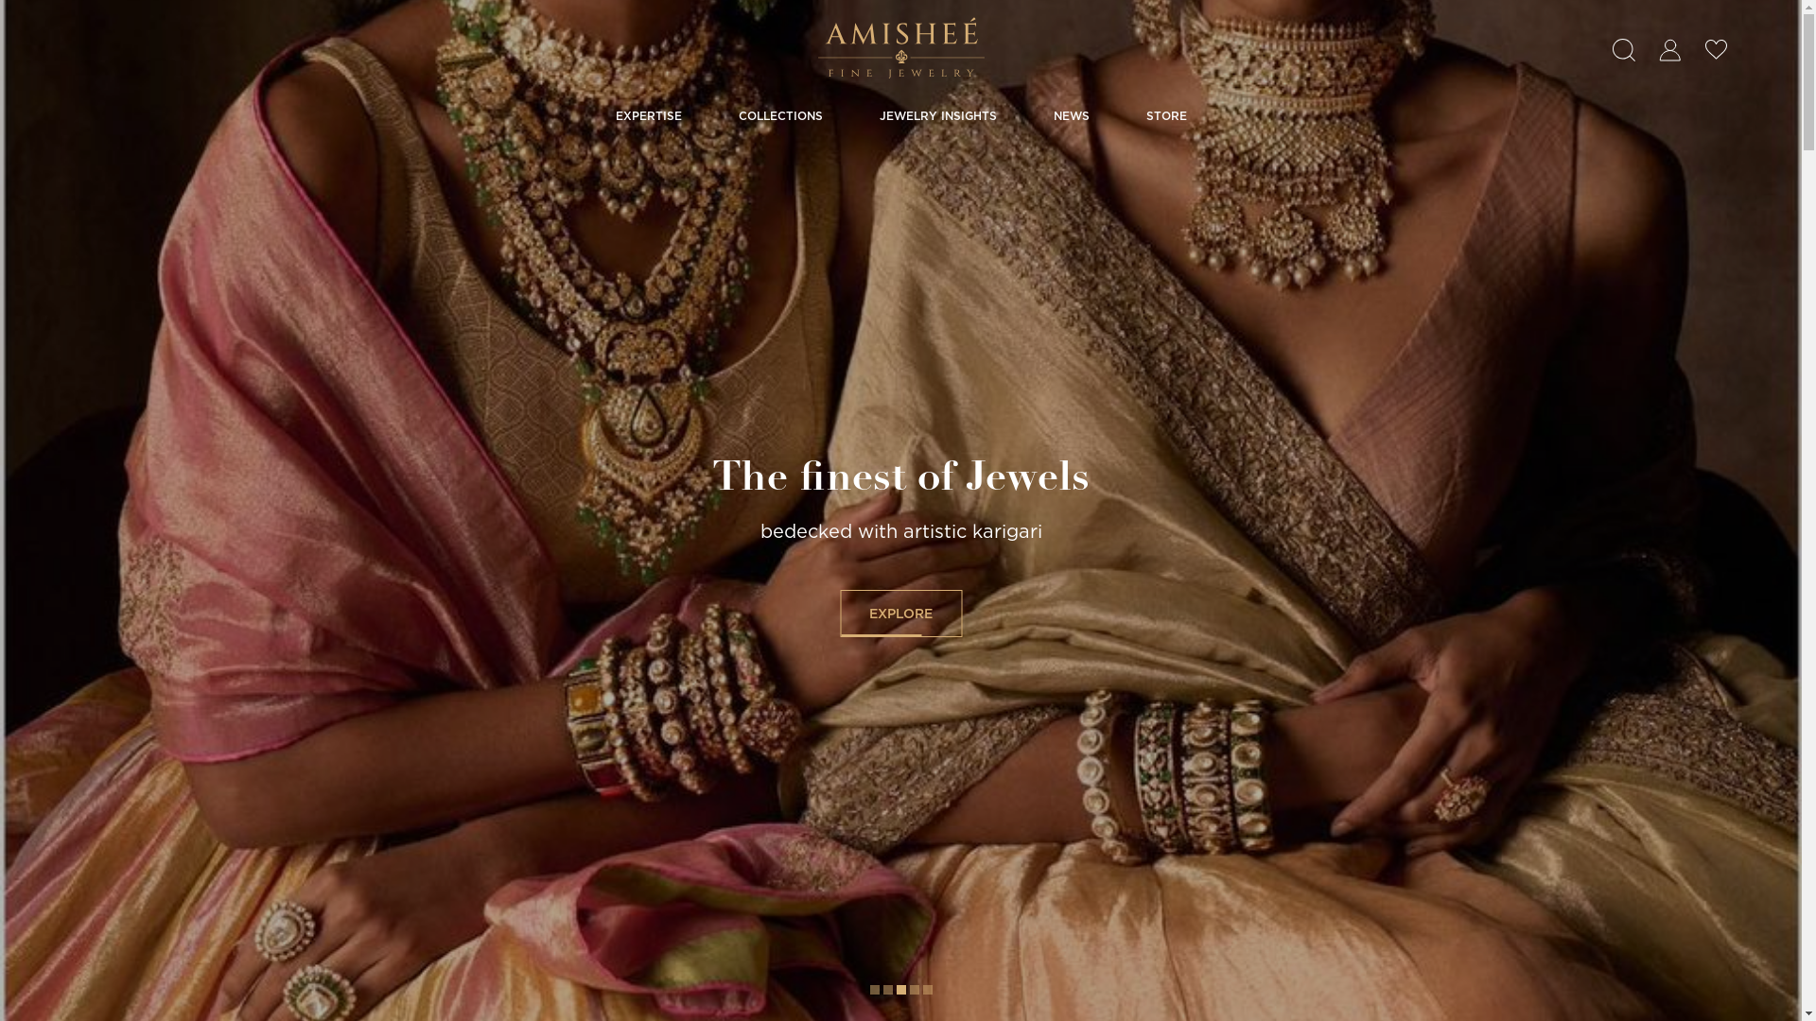 This screenshot has width=1816, height=1021. I want to click on 'EXPERTISE', so click(648, 115).